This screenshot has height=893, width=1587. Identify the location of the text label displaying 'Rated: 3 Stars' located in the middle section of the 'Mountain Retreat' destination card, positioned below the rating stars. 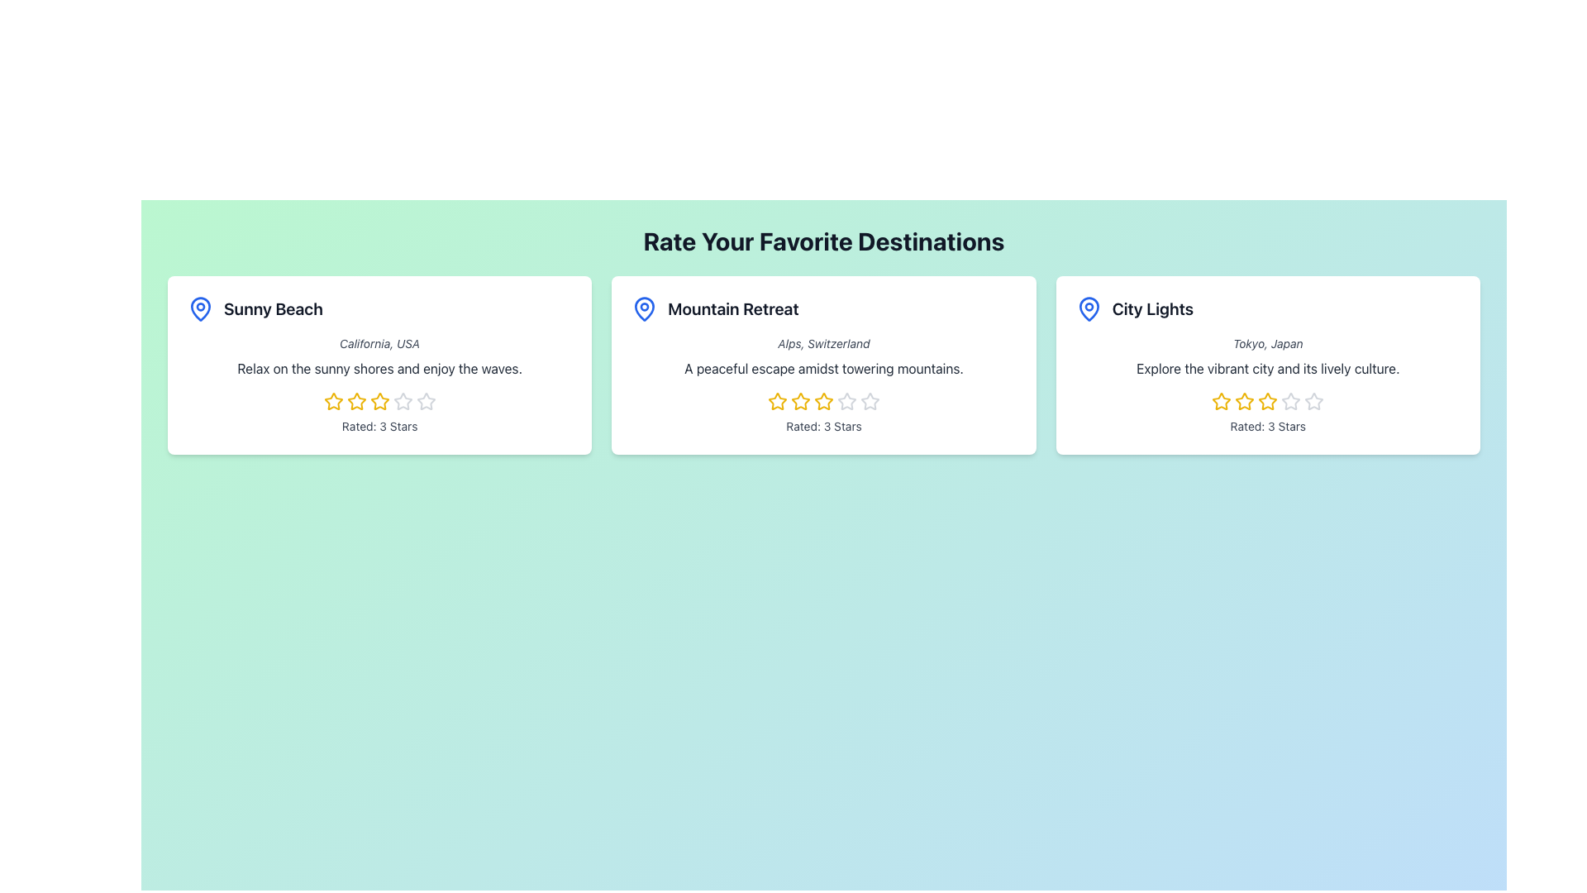
(824, 426).